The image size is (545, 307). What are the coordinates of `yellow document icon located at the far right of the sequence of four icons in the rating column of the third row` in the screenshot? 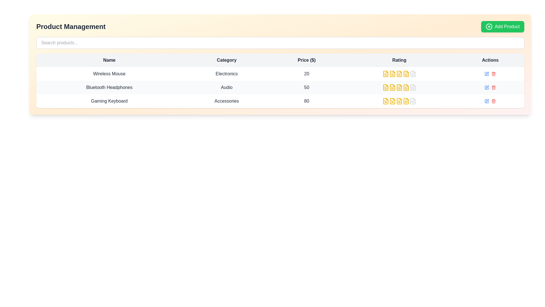 It's located at (406, 101).